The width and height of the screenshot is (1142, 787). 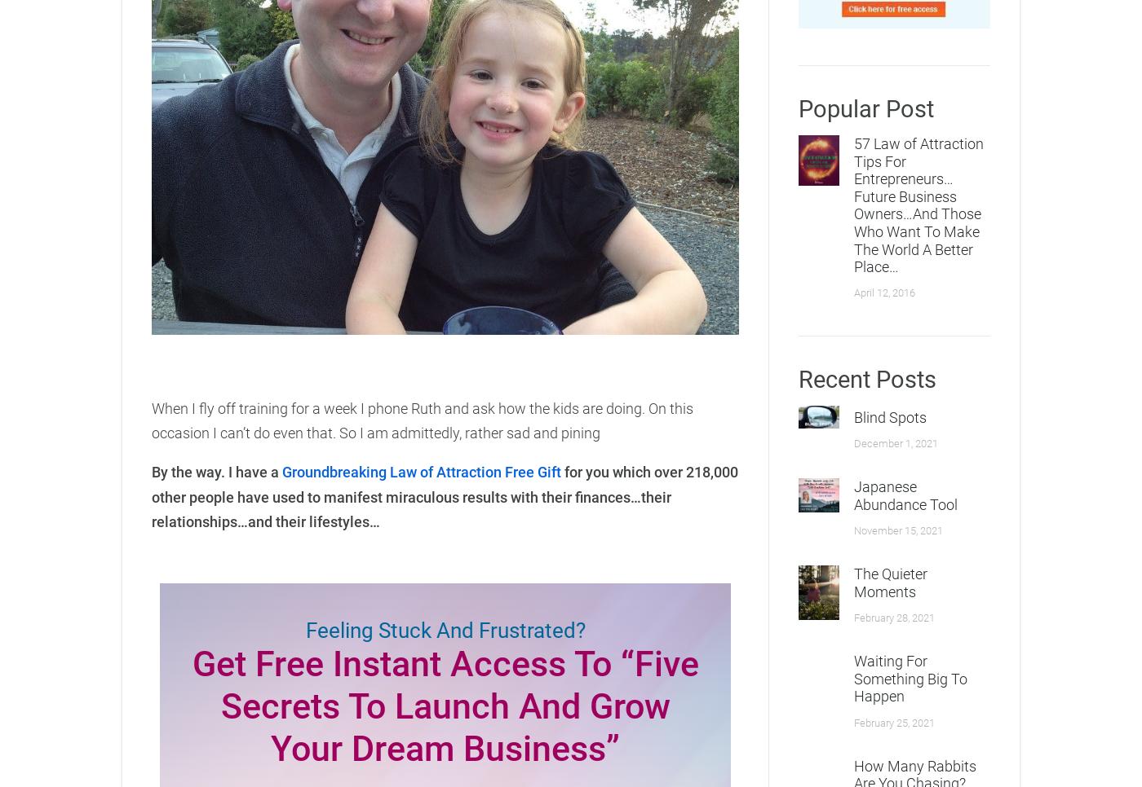 What do you see at coordinates (854, 415) in the screenshot?
I see `'Blind Spots'` at bounding box center [854, 415].